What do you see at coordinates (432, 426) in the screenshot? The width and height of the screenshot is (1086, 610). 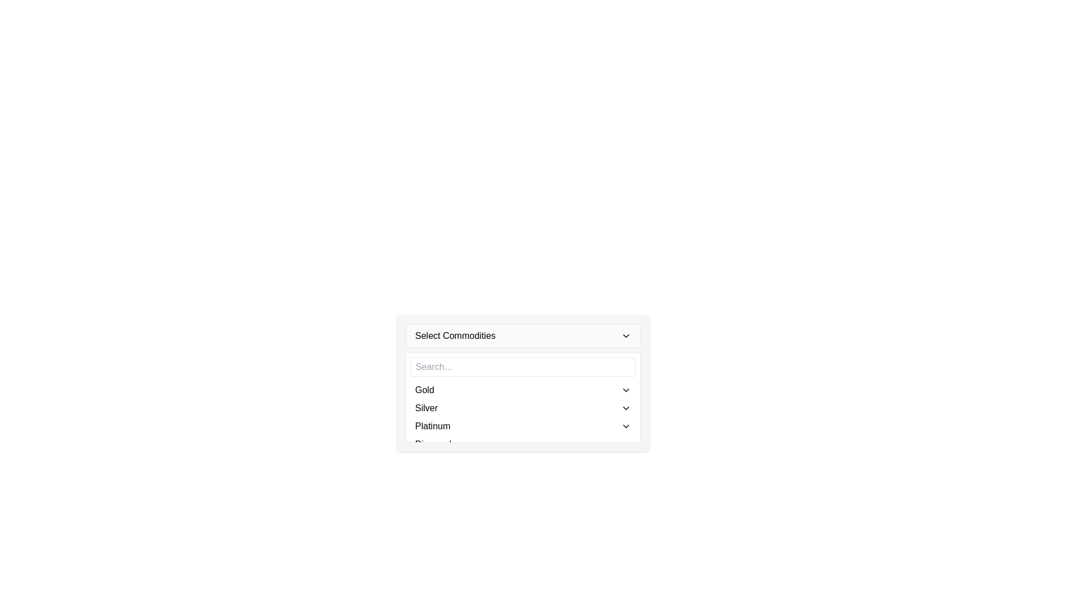 I see `the text label representing the commodity 'Platinum' in the dropdown menu titled 'Select Commodities'` at bounding box center [432, 426].